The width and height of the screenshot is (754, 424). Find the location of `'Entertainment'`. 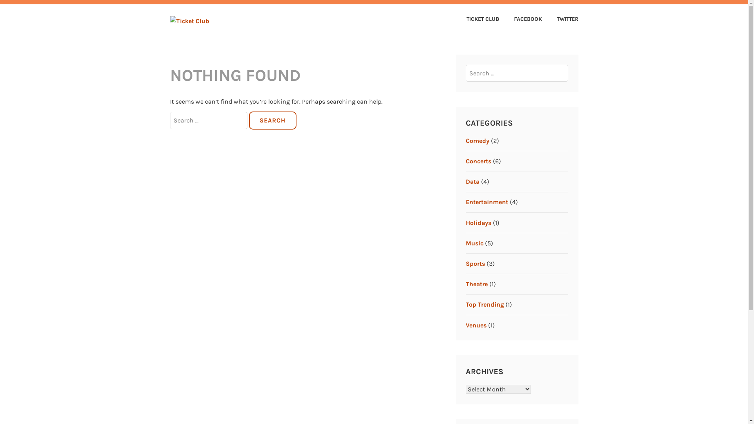

'Entertainment' is located at coordinates (465, 201).